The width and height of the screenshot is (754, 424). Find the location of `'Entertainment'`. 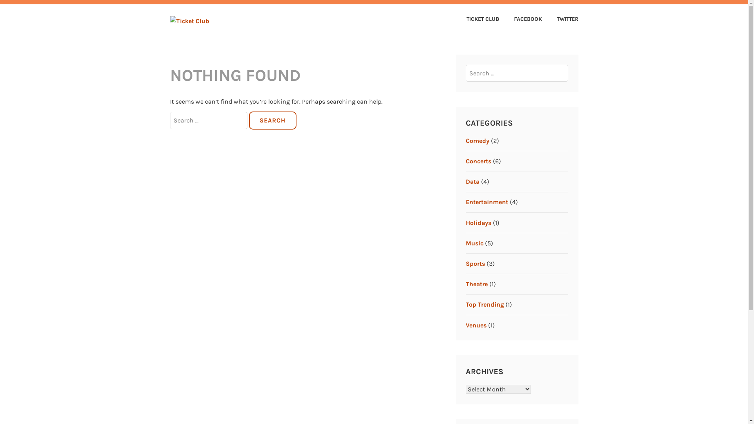

'Entertainment' is located at coordinates (465, 201).